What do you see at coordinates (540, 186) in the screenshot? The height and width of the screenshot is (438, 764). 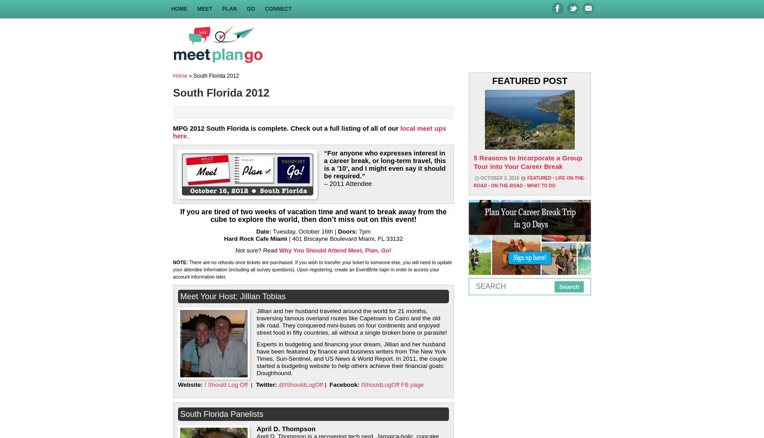 I see `'What to Do'` at bounding box center [540, 186].